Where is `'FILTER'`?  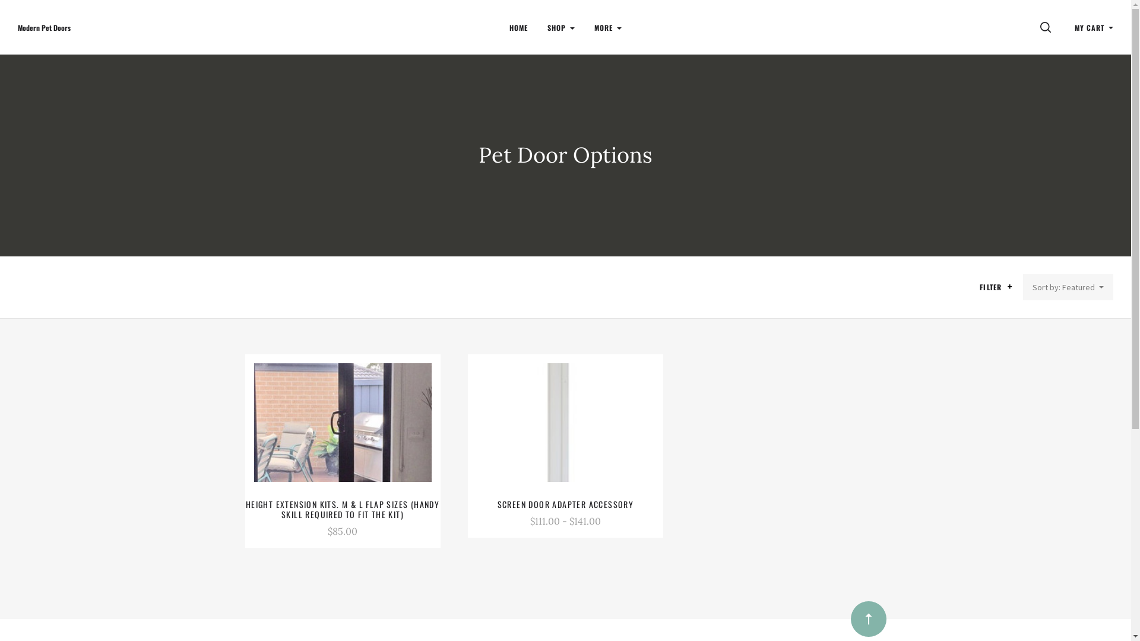 'FILTER' is located at coordinates (997, 287).